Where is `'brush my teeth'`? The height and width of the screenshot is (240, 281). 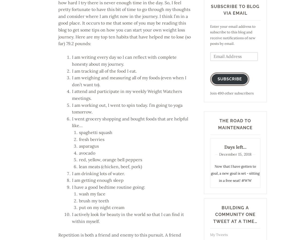
'brush my teeth' is located at coordinates (93, 200).